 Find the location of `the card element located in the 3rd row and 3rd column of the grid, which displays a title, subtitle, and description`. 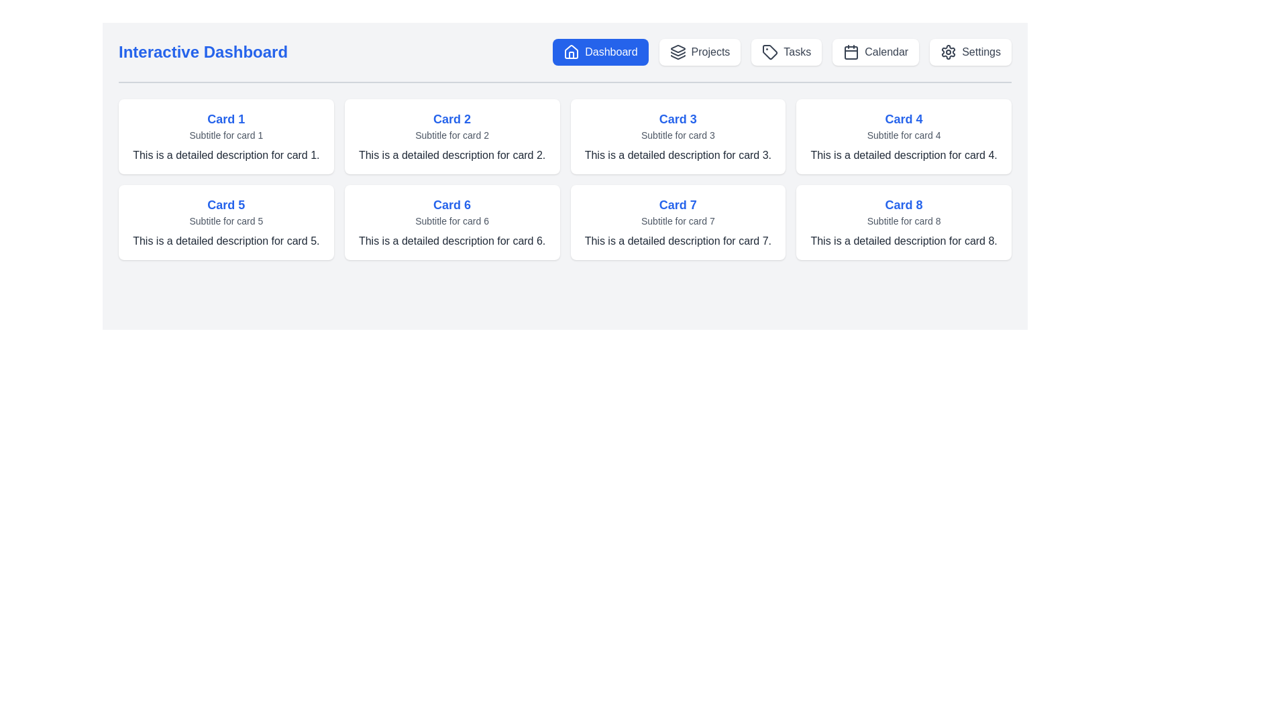

the card element located in the 3rd row and 3rd column of the grid, which displays a title, subtitle, and description is located at coordinates (678, 221).